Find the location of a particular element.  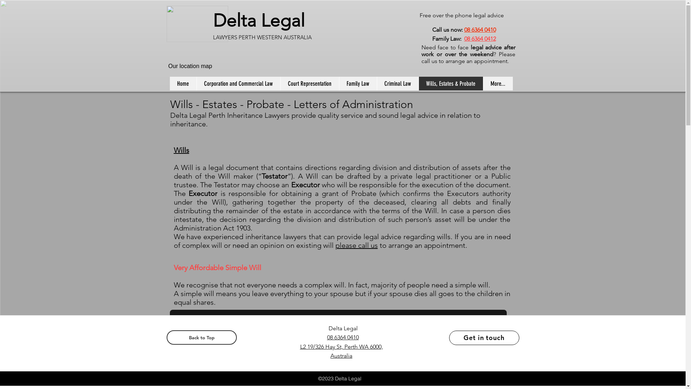

'Simple Will - From $135' is located at coordinates (201, 353).